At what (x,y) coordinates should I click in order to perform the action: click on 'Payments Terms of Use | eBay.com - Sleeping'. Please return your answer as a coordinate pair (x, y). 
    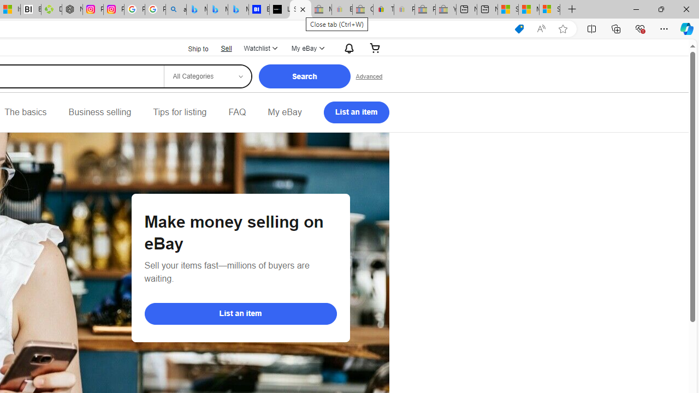
    Looking at the image, I should click on (404, 9).